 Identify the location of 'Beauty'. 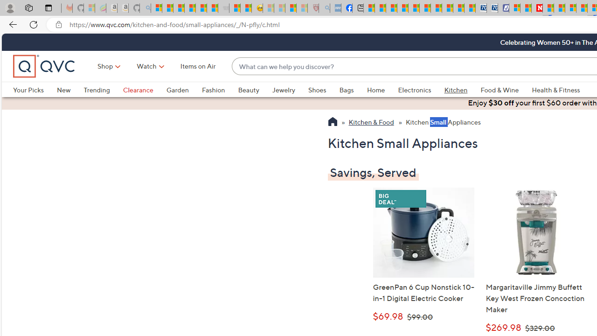
(248, 90).